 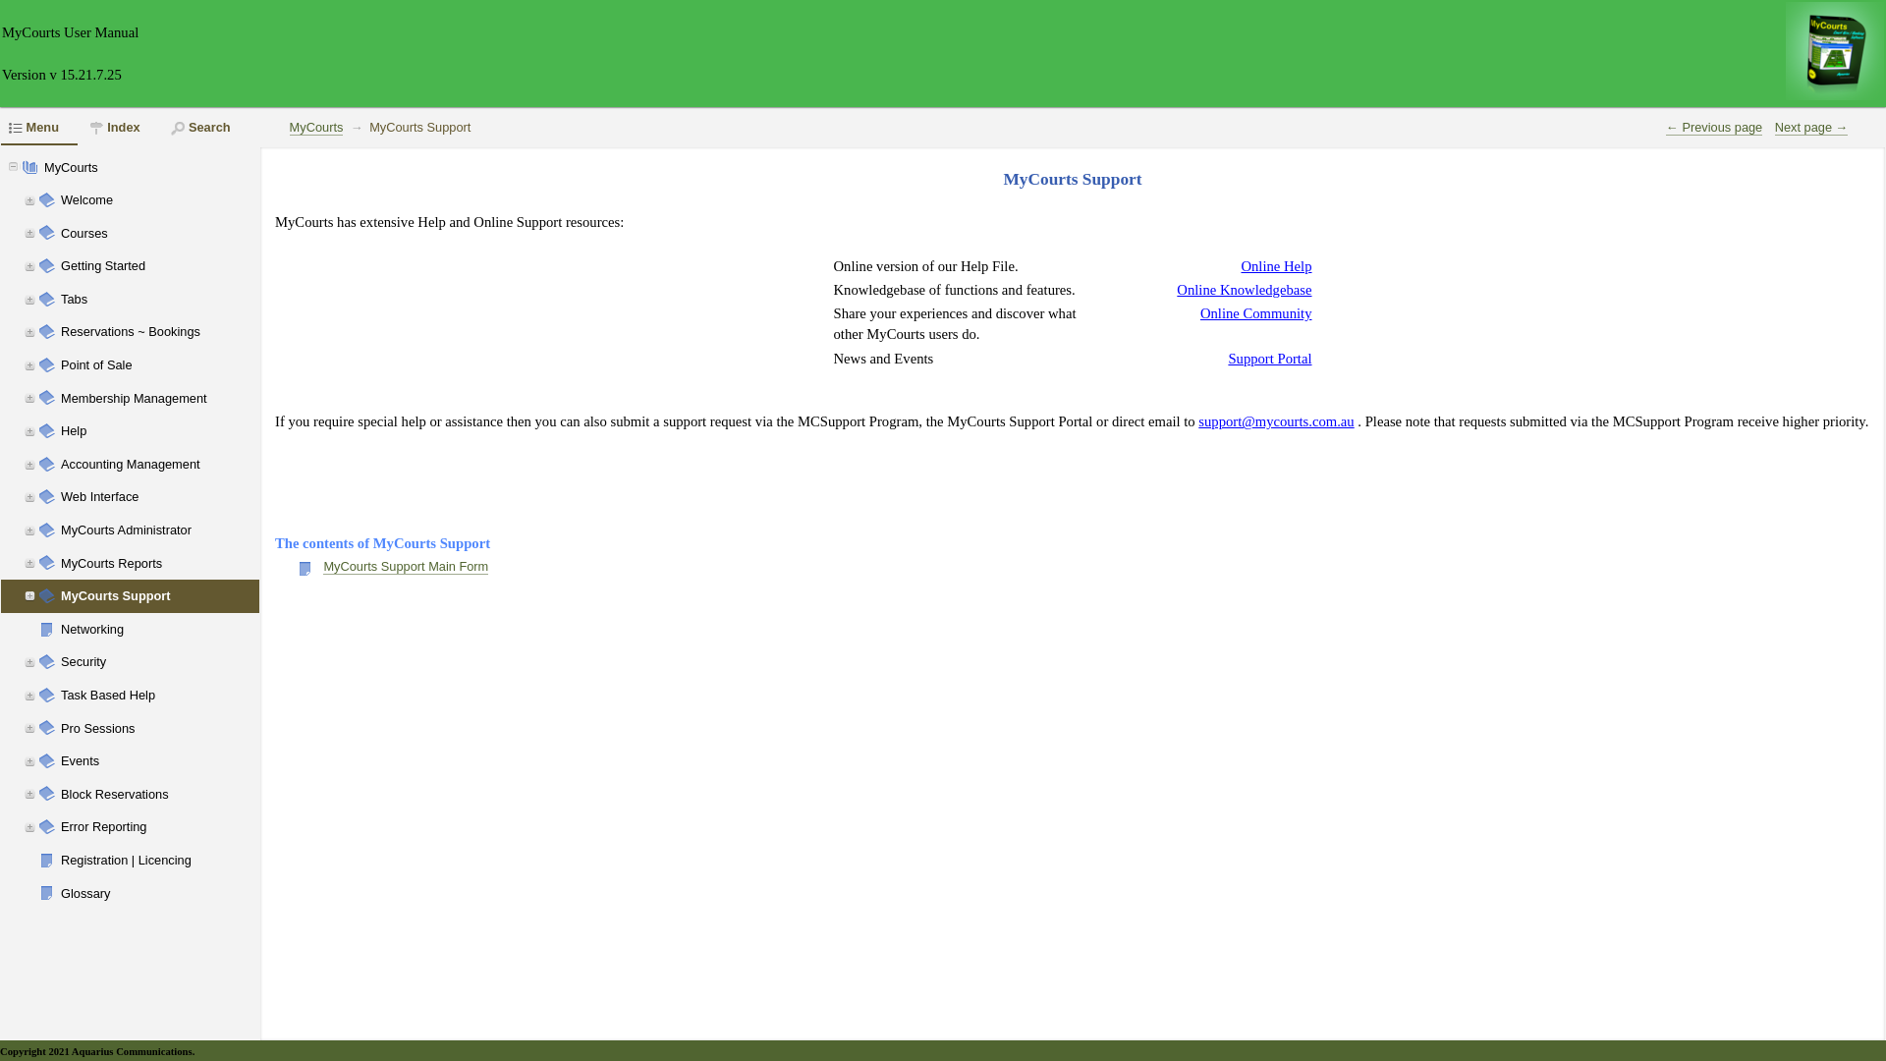 I want to click on 'Online Knowledgebase', so click(x=1243, y=290).